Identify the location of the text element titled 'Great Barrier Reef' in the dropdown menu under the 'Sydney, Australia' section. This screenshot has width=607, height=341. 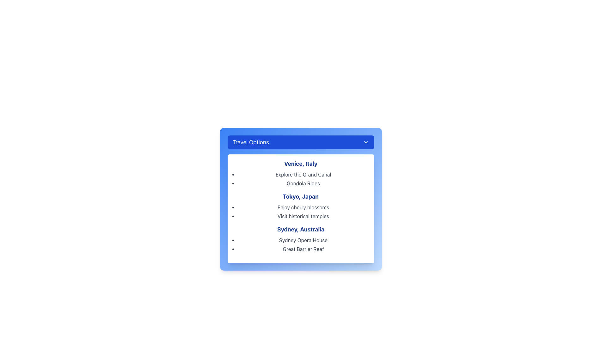
(303, 249).